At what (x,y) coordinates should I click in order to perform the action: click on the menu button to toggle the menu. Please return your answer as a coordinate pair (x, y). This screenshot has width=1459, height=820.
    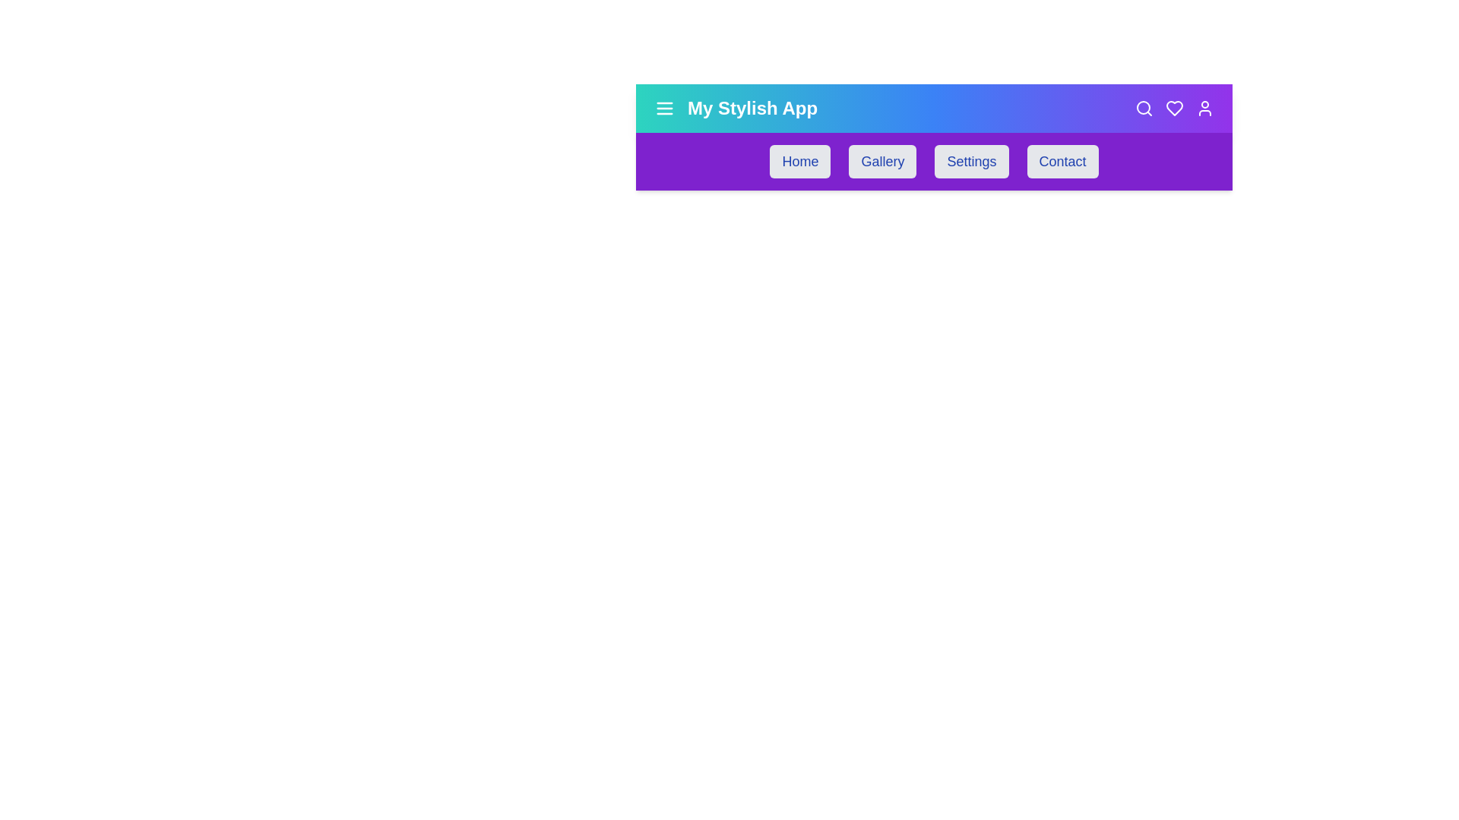
    Looking at the image, I should click on (664, 107).